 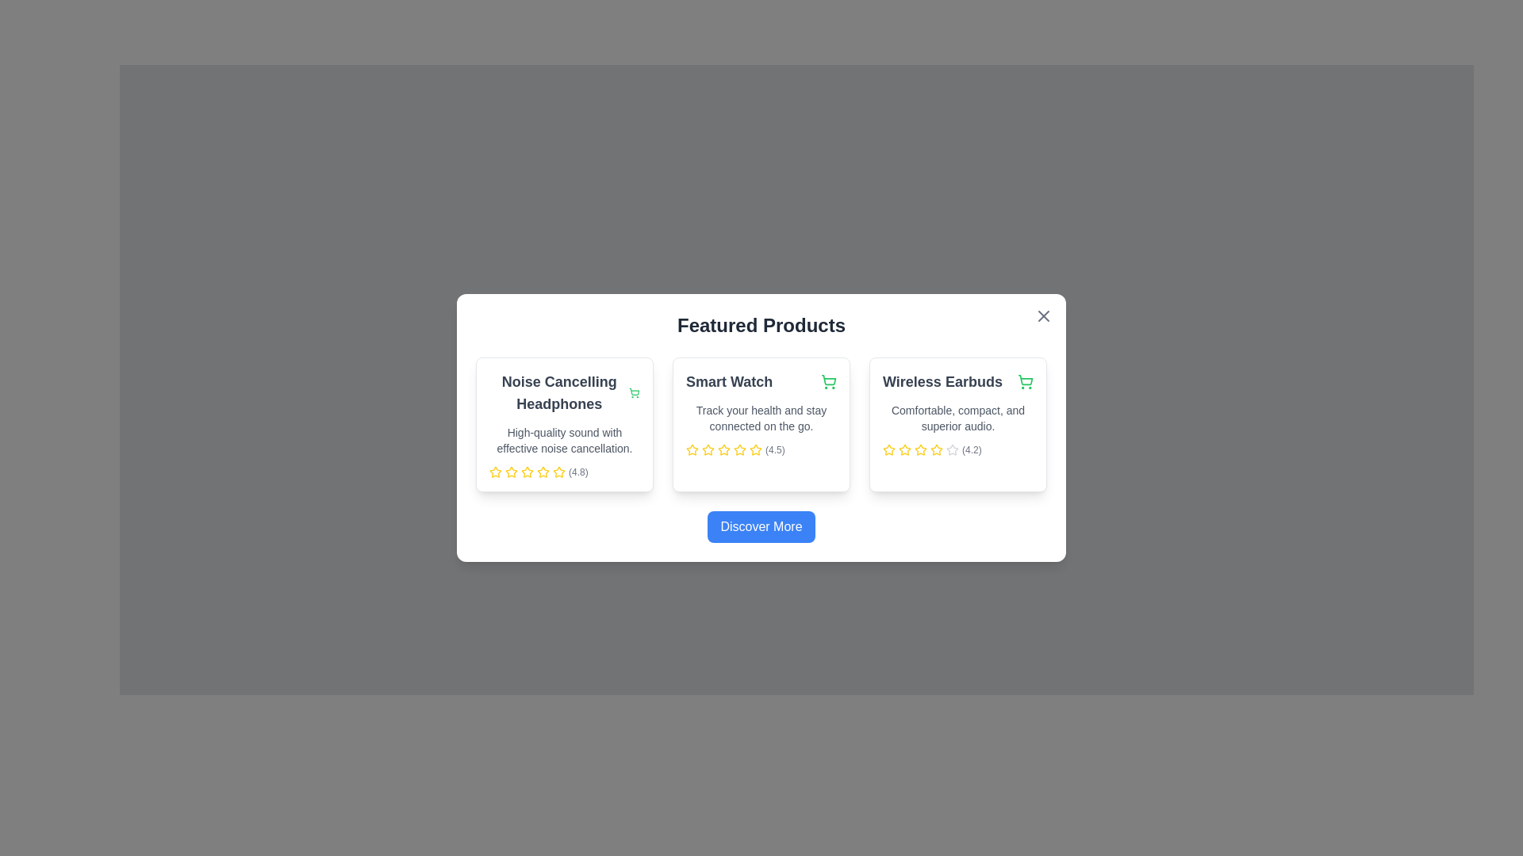 I want to click on the third star icon in the five-star rating system for the product 'Smart Watch', so click(x=723, y=449).